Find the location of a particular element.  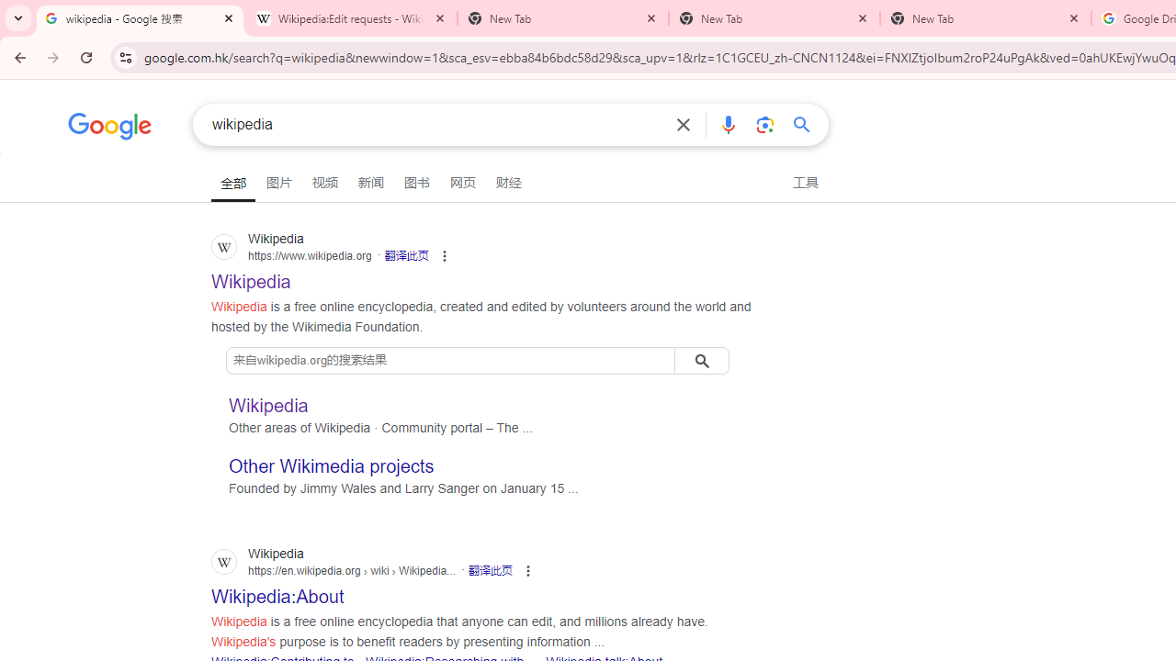

'Back' is located at coordinates (17, 56).